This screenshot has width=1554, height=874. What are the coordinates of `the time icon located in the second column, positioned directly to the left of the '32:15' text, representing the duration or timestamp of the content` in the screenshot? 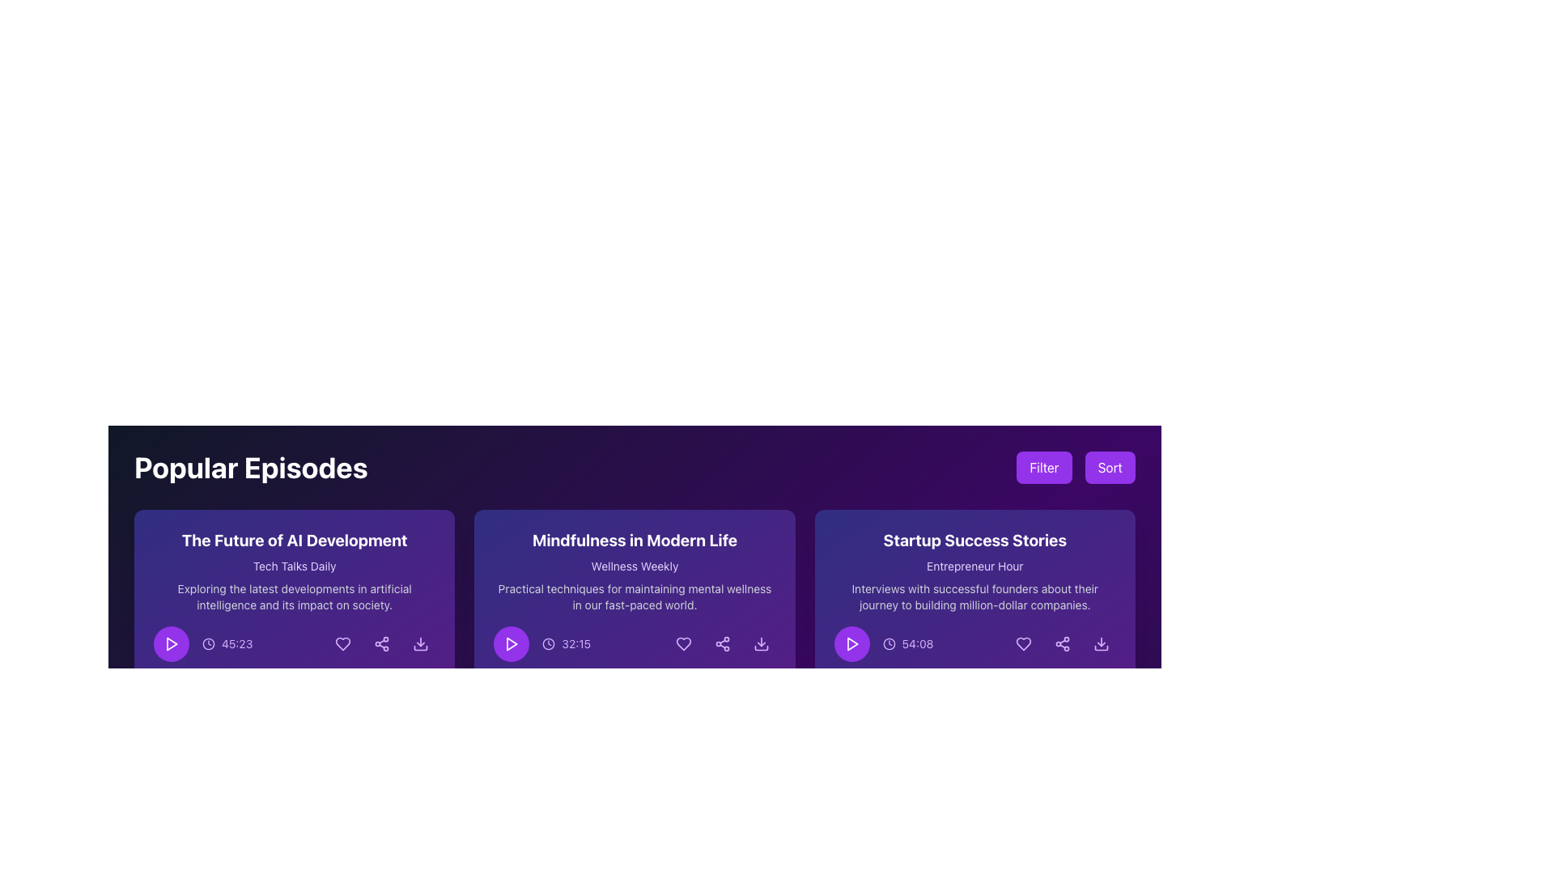 It's located at (549, 643).